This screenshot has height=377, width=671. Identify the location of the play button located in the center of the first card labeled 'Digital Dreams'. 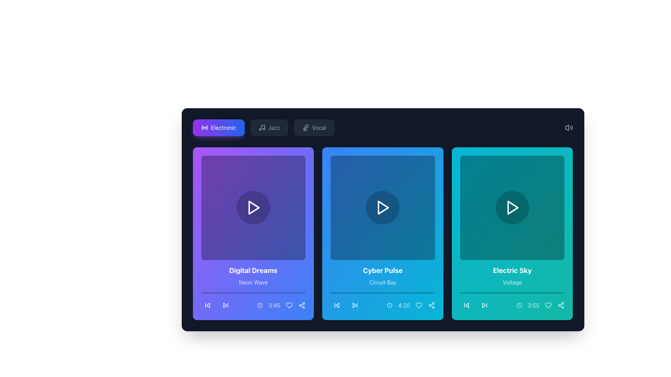
(253, 207).